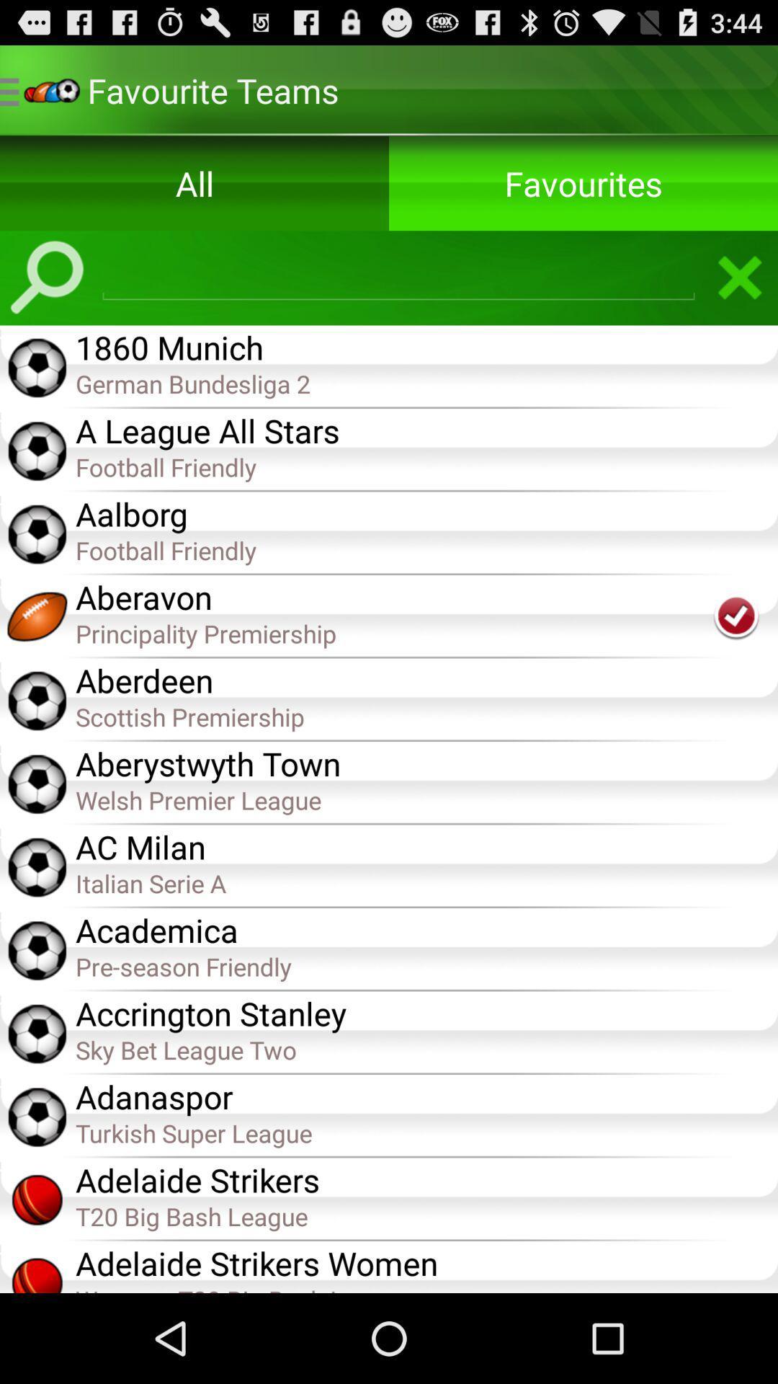 The width and height of the screenshot is (778, 1384). What do you see at coordinates (426, 966) in the screenshot?
I see `the pre-season friendly` at bounding box center [426, 966].